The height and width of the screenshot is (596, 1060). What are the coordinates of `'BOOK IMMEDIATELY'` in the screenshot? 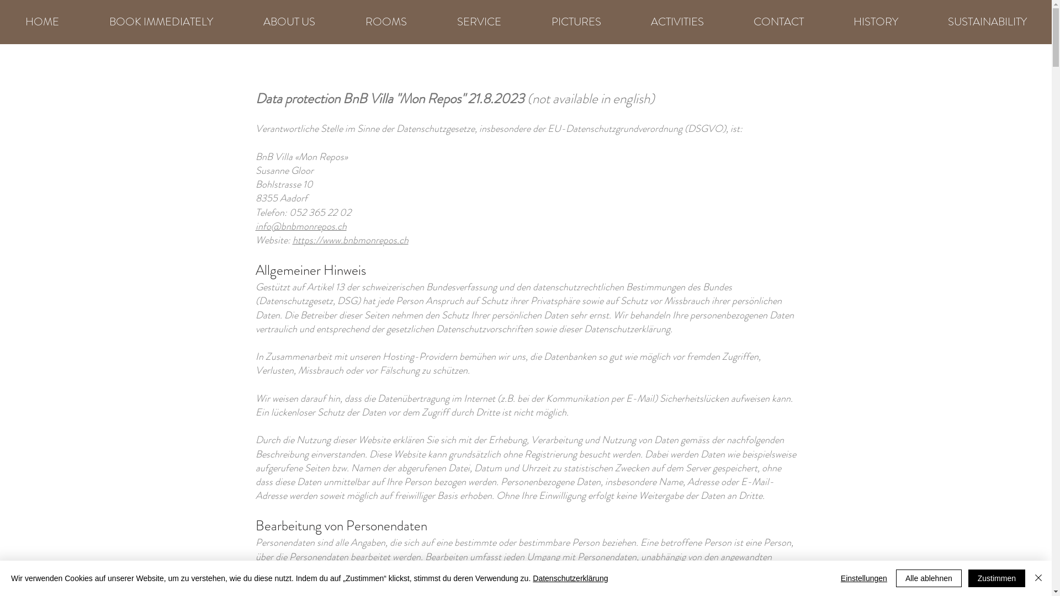 It's located at (160, 22).